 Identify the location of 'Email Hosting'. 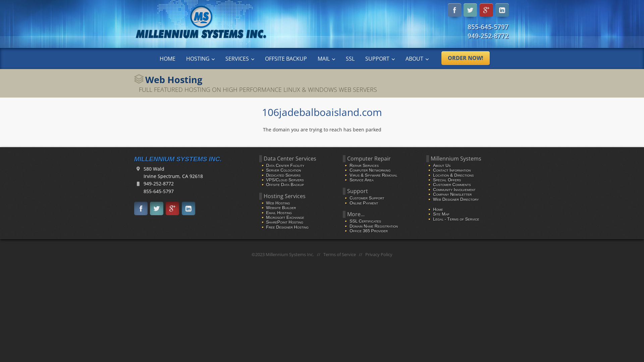
(279, 213).